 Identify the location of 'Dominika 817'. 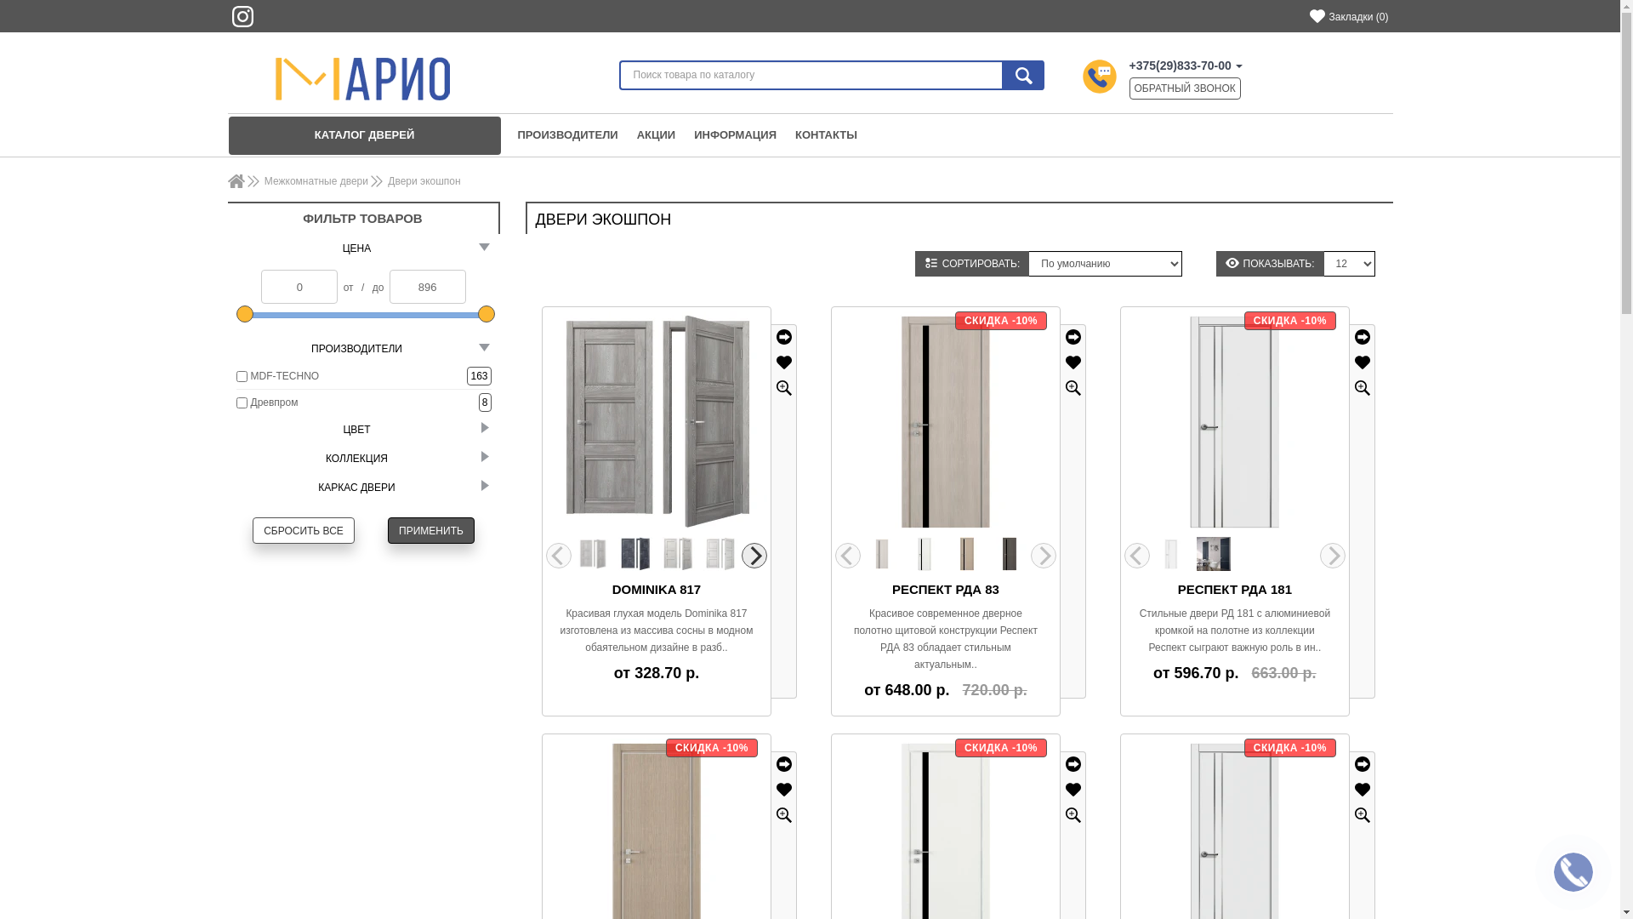
(656, 421).